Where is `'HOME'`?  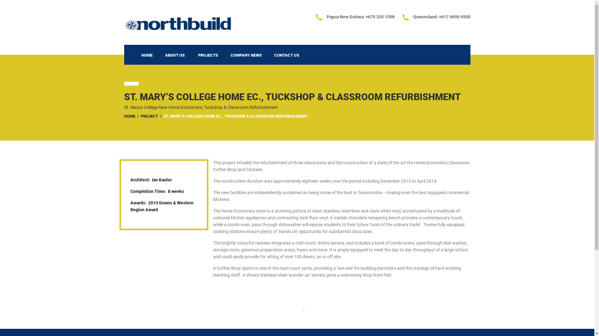
'HOME' is located at coordinates (129, 116).